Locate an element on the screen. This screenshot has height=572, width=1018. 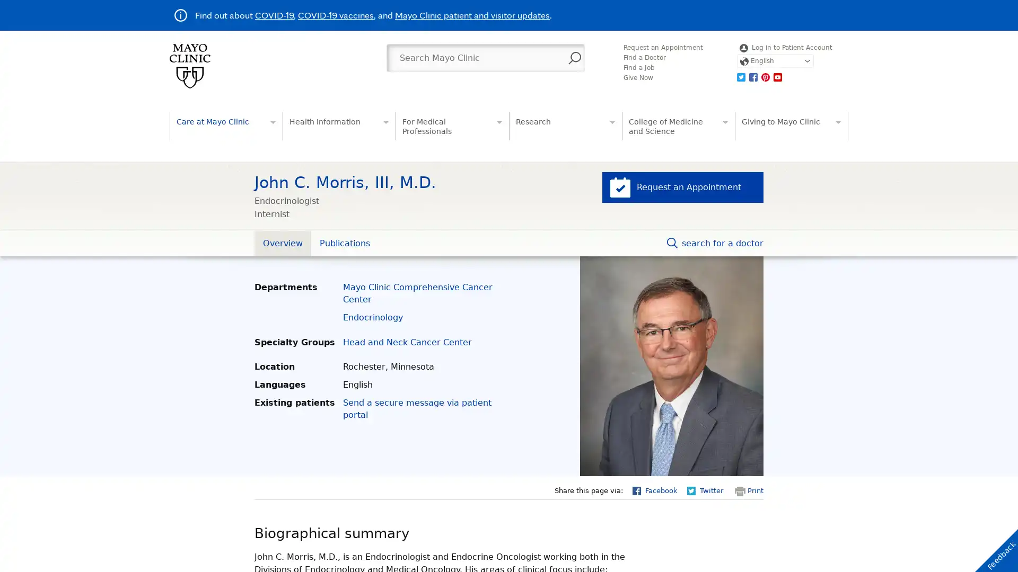
Search is located at coordinates (574, 58).